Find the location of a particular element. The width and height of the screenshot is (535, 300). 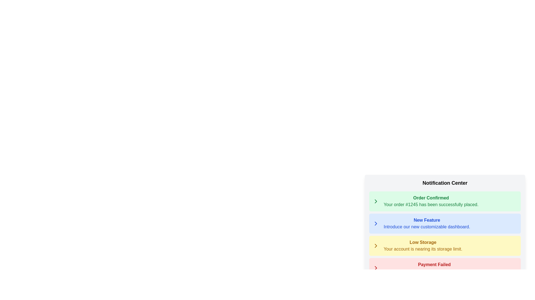

the notification indicating that order #1245 has been successfully placed, which is the top-most notification in the notification center is located at coordinates (445, 201).